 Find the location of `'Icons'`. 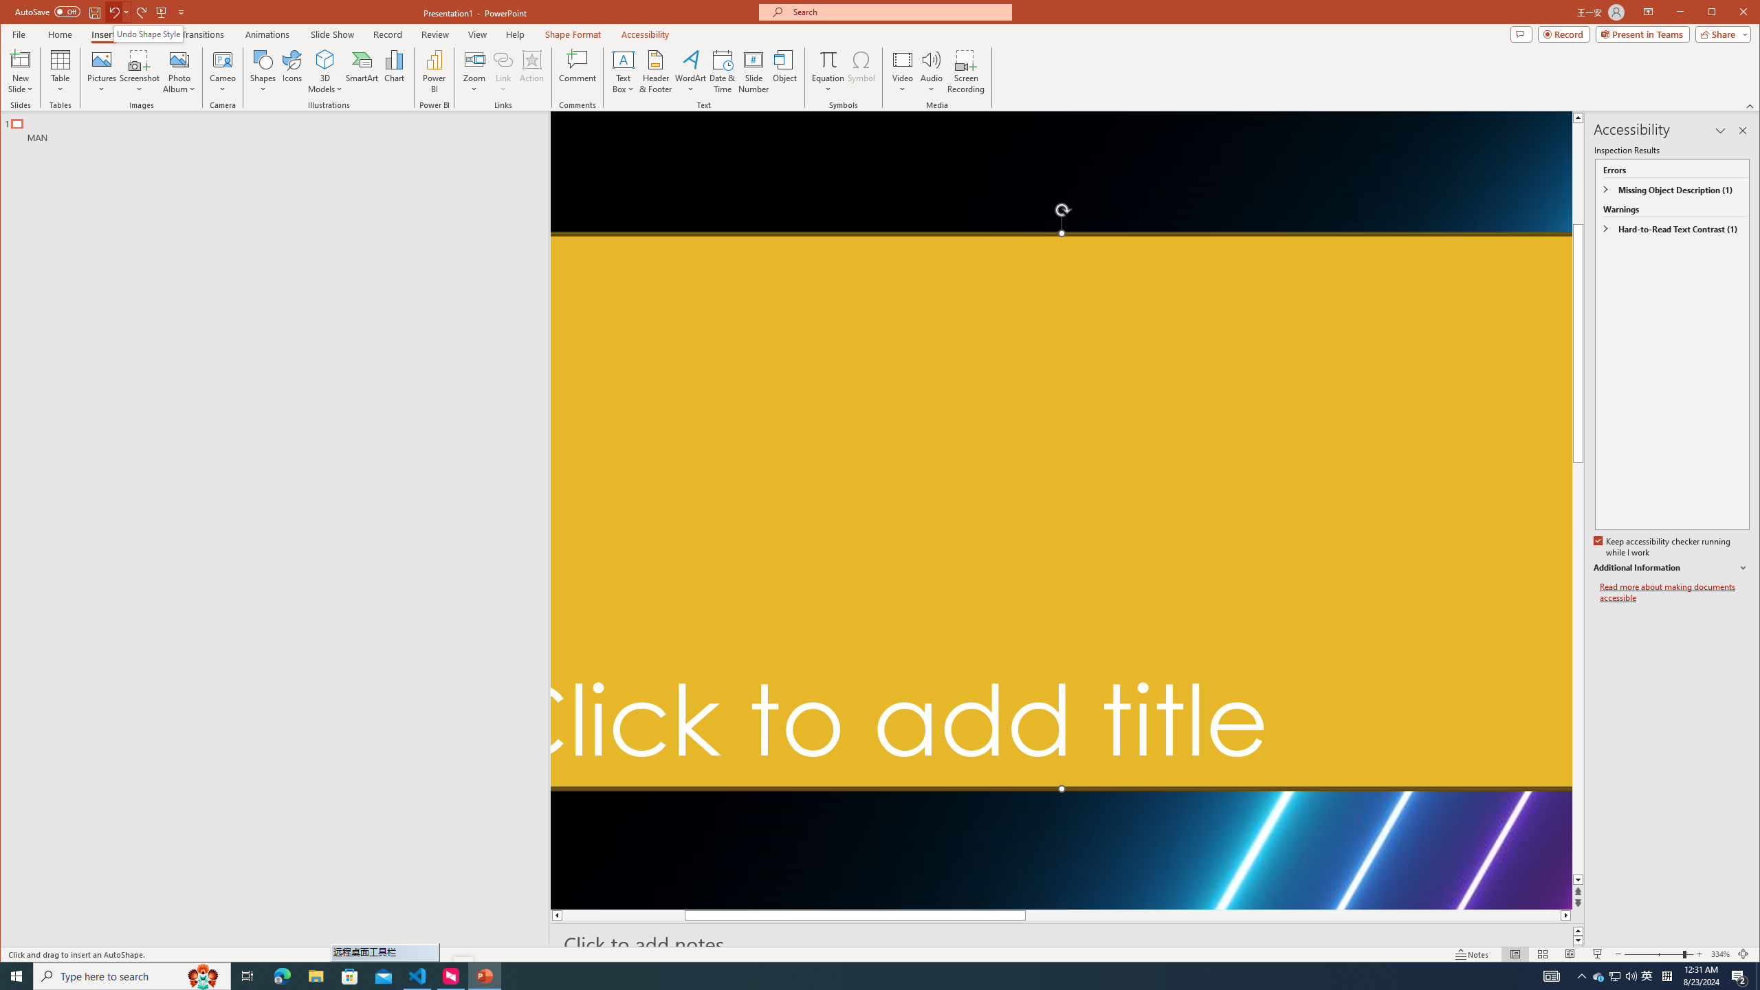

'Icons' is located at coordinates (291, 71).